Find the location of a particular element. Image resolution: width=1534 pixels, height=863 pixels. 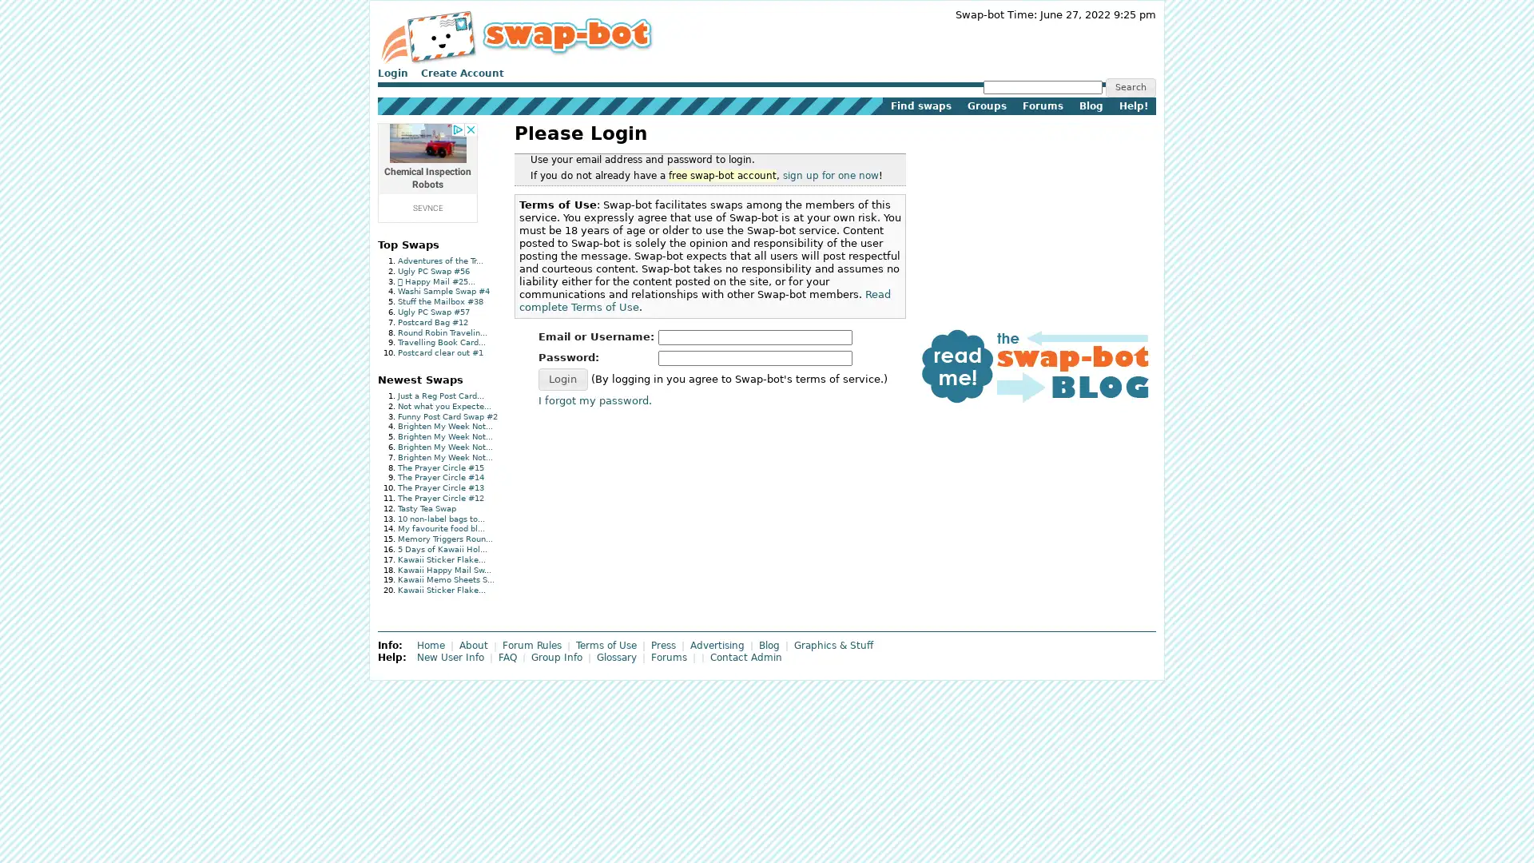

Login is located at coordinates (562, 379).